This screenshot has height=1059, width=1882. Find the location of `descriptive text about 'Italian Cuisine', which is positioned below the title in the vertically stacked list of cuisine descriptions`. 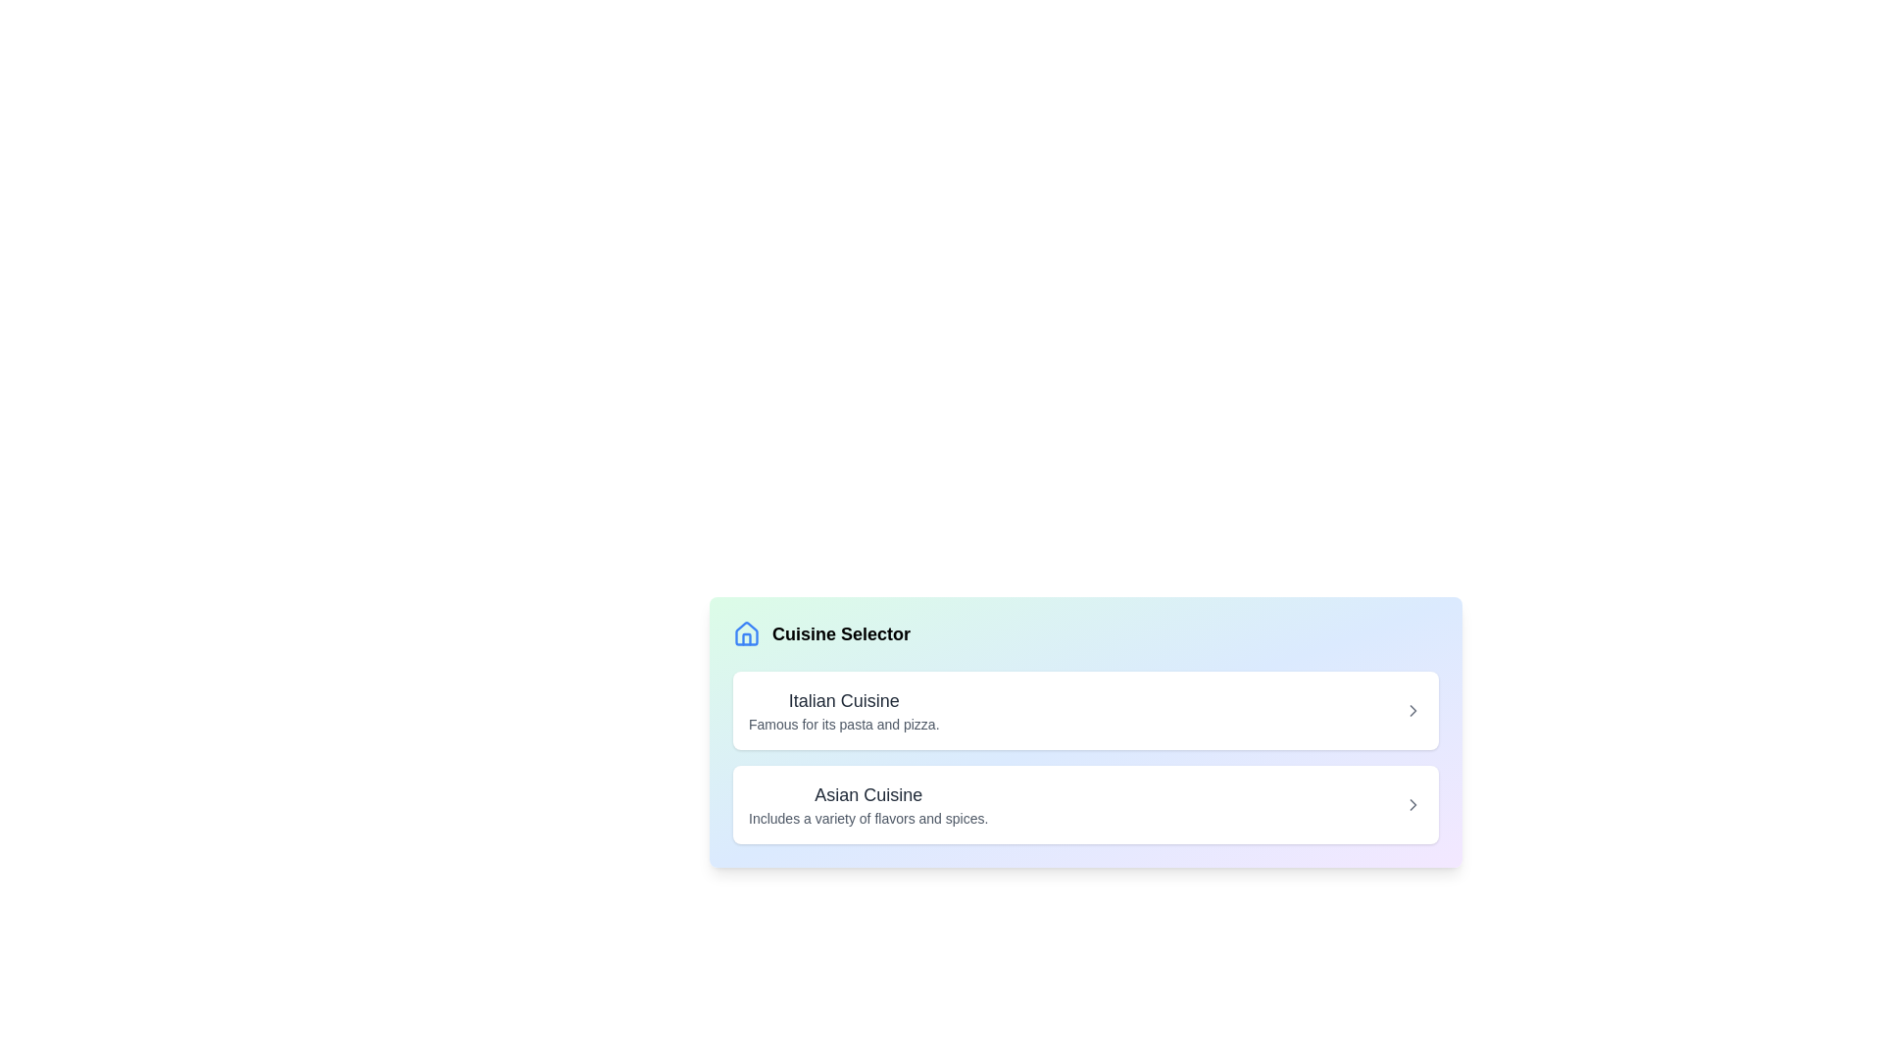

descriptive text about 'Italian Cuisine', which is positioned below the title in the vertically stacked list of cuisine descriptions is located at coordinates (844, 725).